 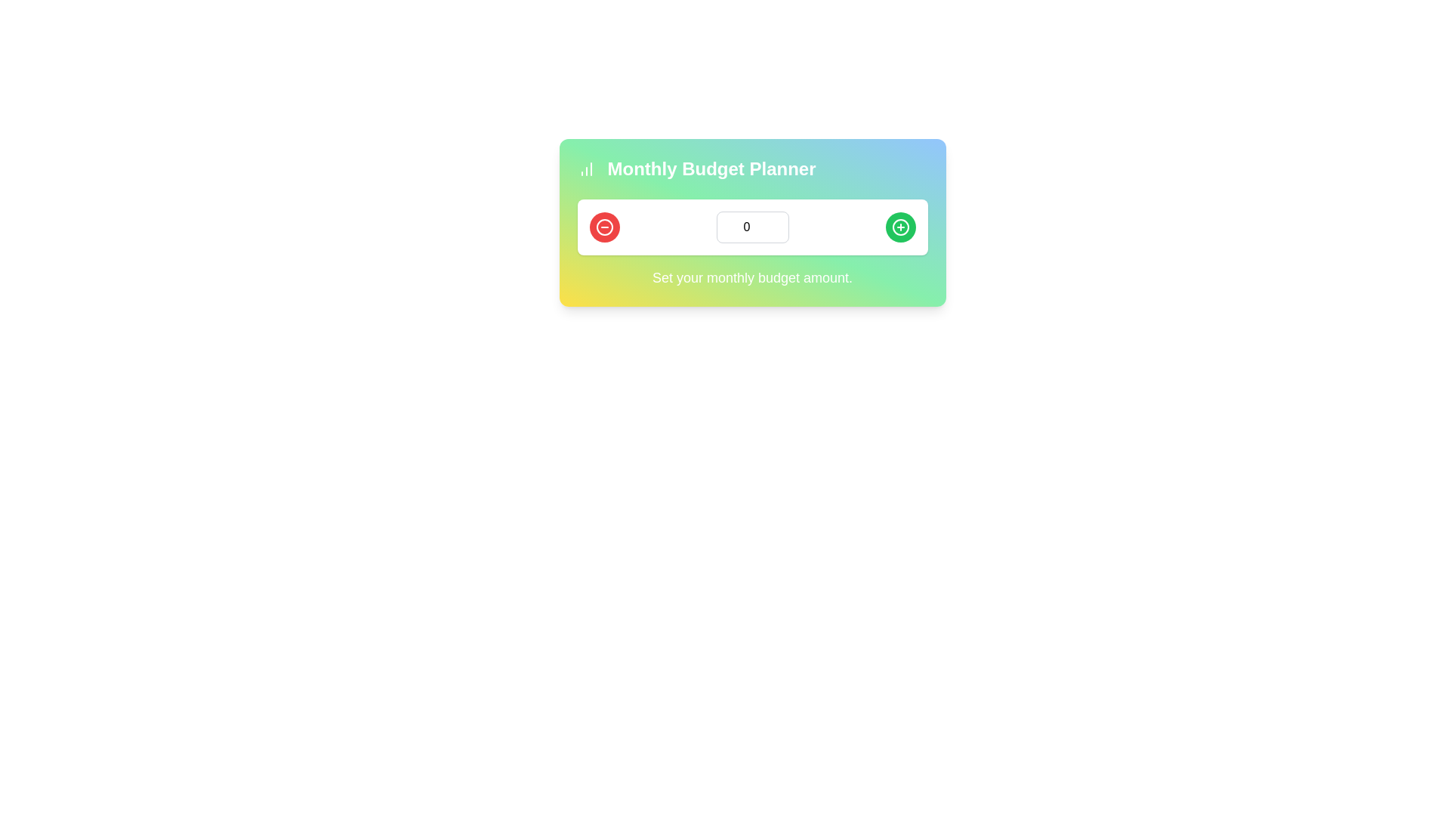 I want to click on the button on the left side of the 'Monthly Budget Planner' card to decrease the numeric value displayed in the input field, so click(x=604, y=227).